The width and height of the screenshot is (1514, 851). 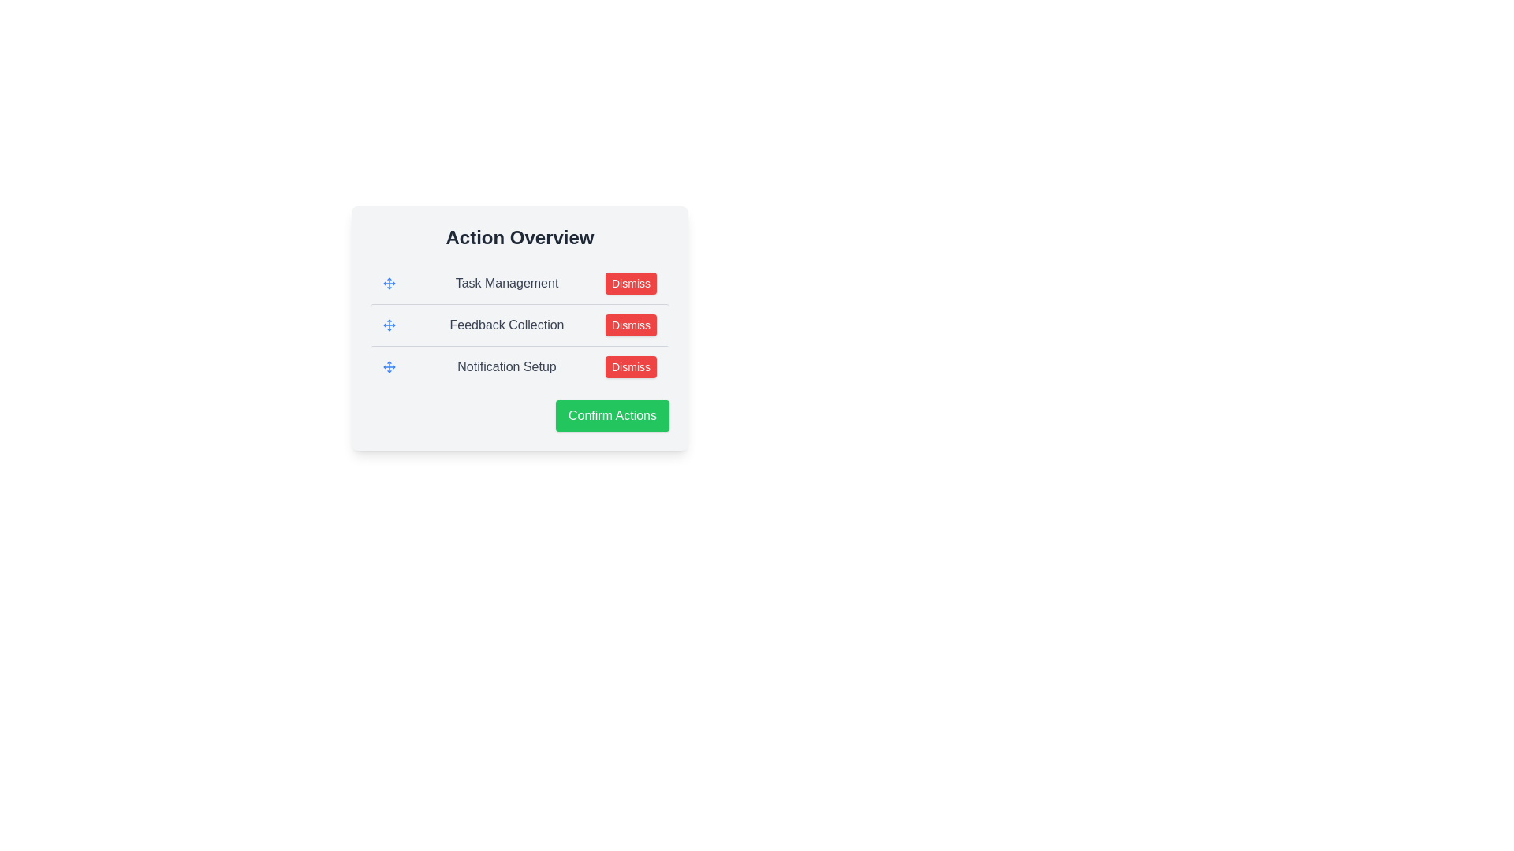 What do you see at coordinates (520, 366) in the screenshot?
I see `the third notification setting in the 'Action Overview' list for potential drag-and-drop functionality` at bounding box center [520, 366].